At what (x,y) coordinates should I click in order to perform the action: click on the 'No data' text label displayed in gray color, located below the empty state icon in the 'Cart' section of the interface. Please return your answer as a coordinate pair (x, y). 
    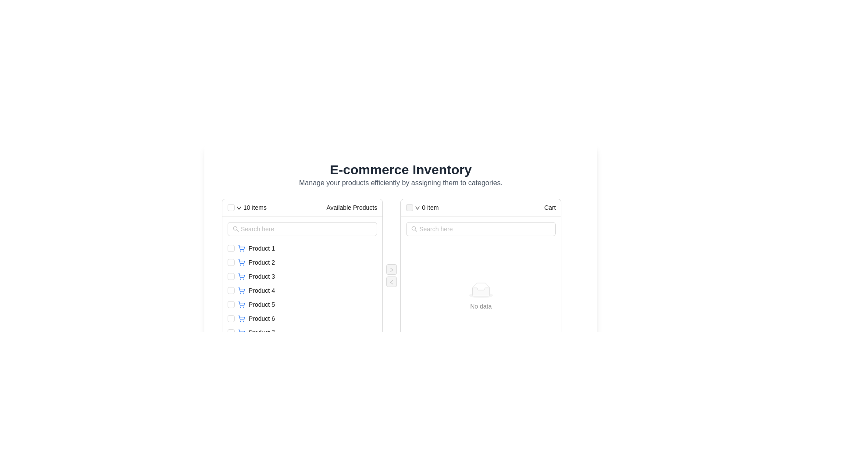
    Looking at the image, I should click on (480, 305).